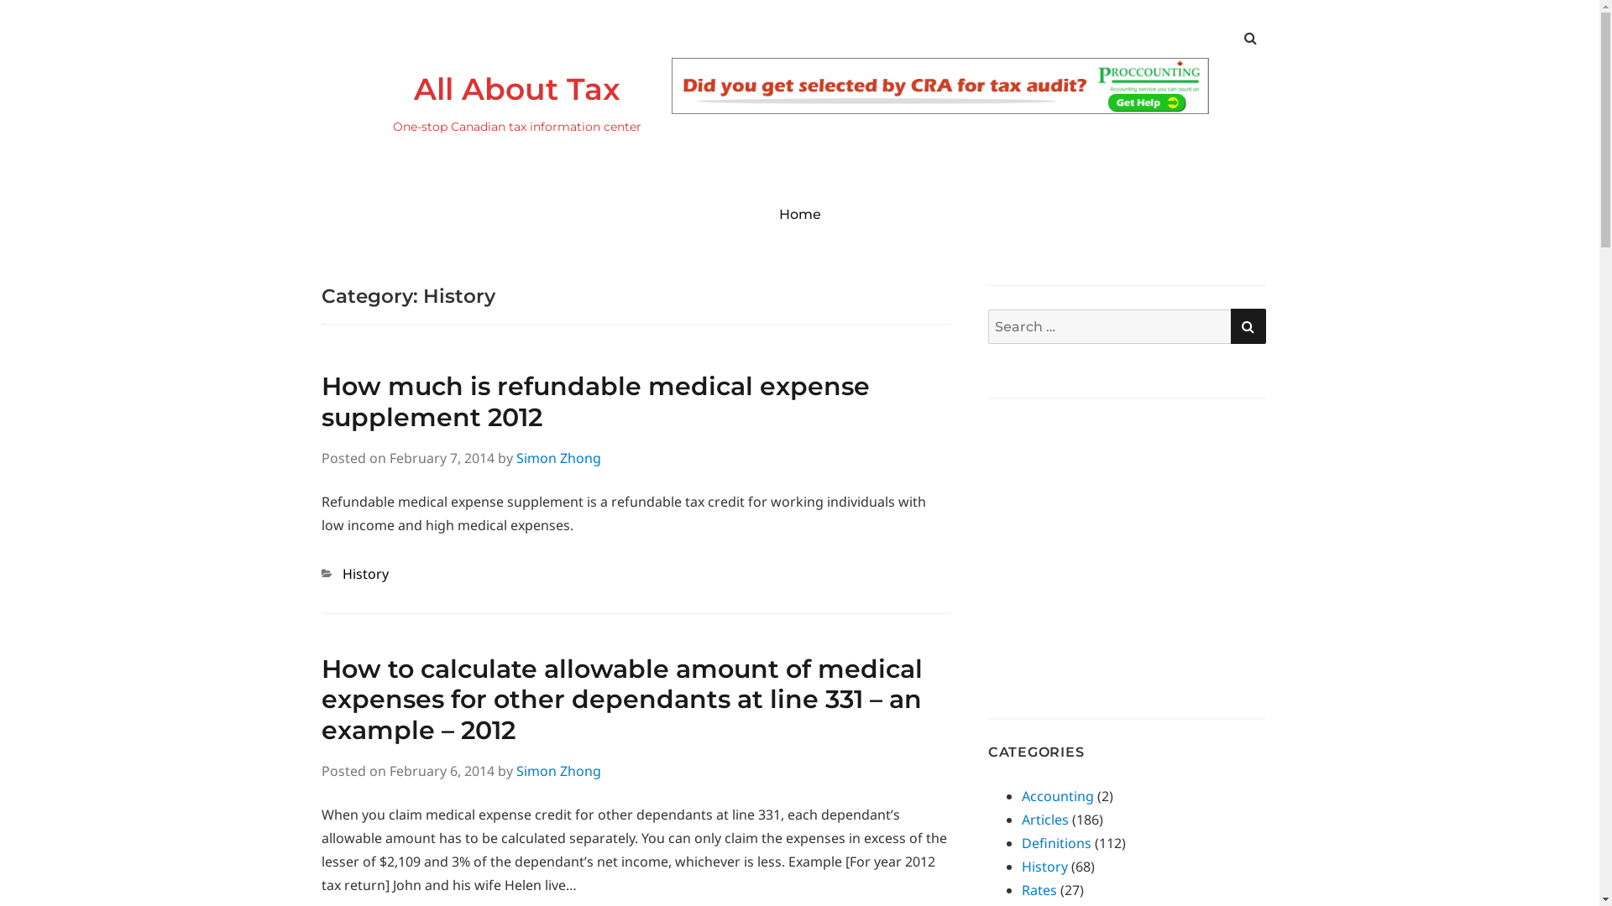 The height and width of the screenshot is (906, 1612). Describe the element at coordinates (1055, 843) in the screenshot. I see `'Definitions'` at that location.